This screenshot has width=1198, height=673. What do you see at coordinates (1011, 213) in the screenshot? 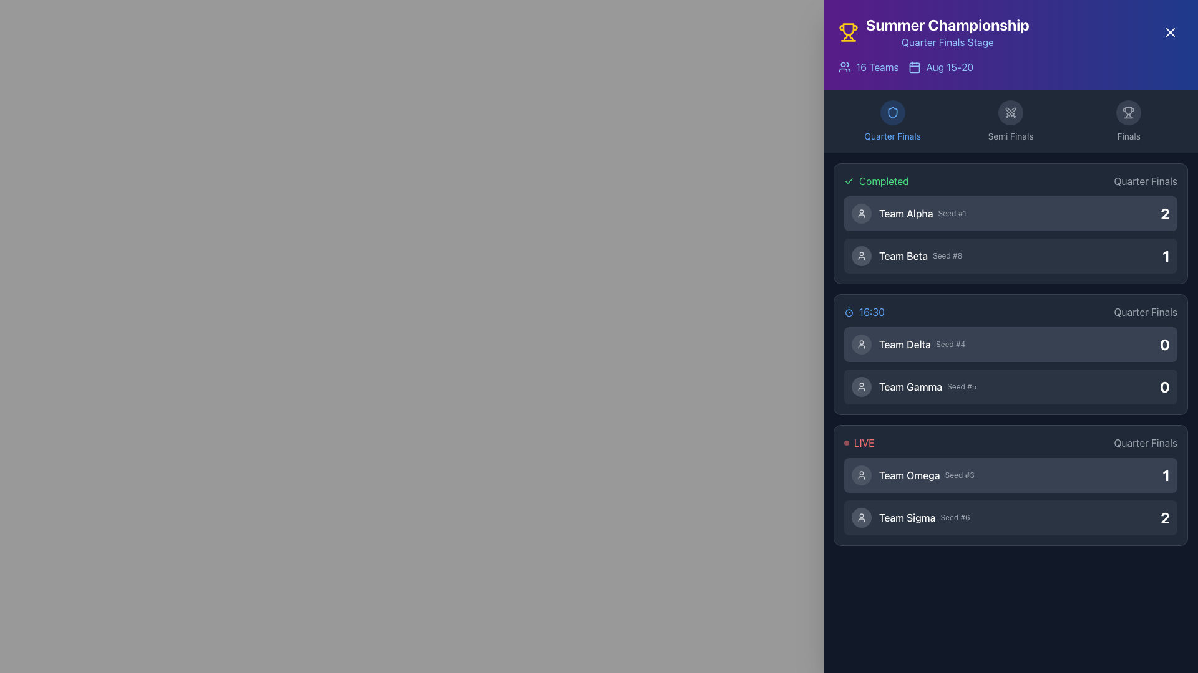
I see `the Informational Card displaying 'Team Alpha Seed #1' with a dark gray background, which is the first in its group under the section titled 'Completed'` at bounding box center [1011, 213].